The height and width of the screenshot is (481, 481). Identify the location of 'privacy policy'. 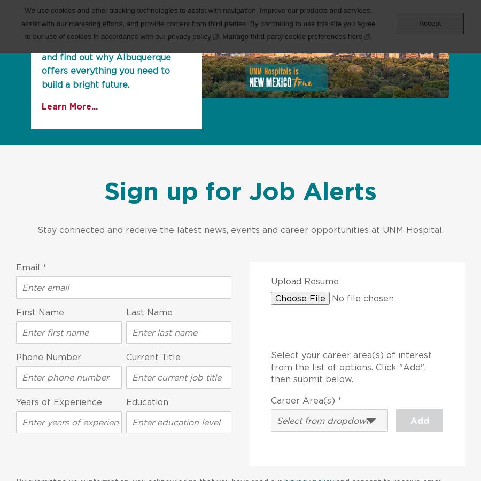
(189, 35).